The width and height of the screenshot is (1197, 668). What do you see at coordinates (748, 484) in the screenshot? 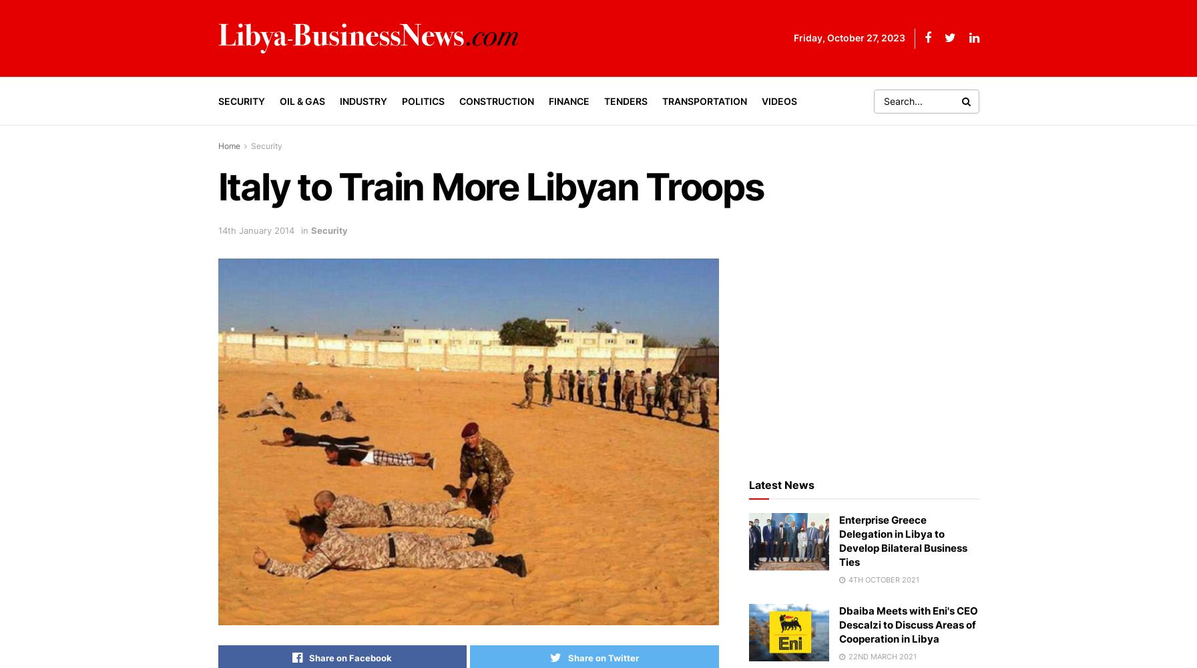
I see `'Latest News'` at bounding box center [748, 484].